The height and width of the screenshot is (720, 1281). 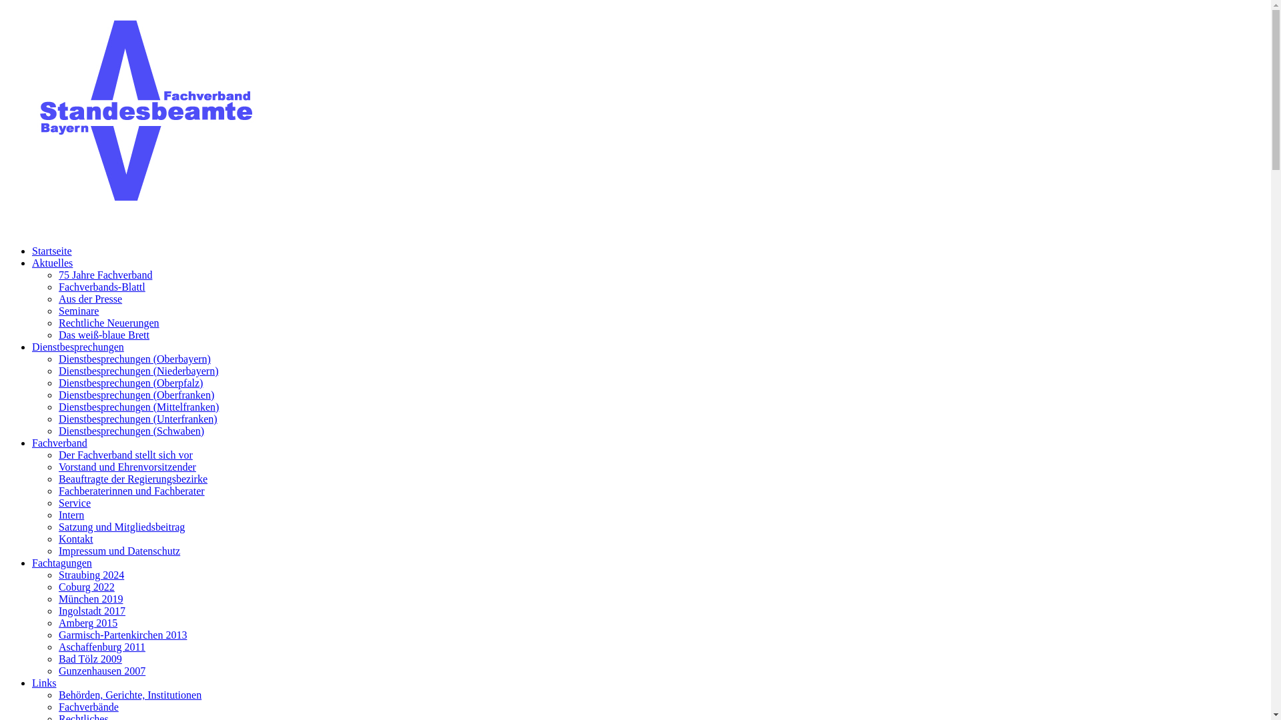 I want to click on 'Satzung und Mitgliedsbeitrag', so click(x=121, y=526).